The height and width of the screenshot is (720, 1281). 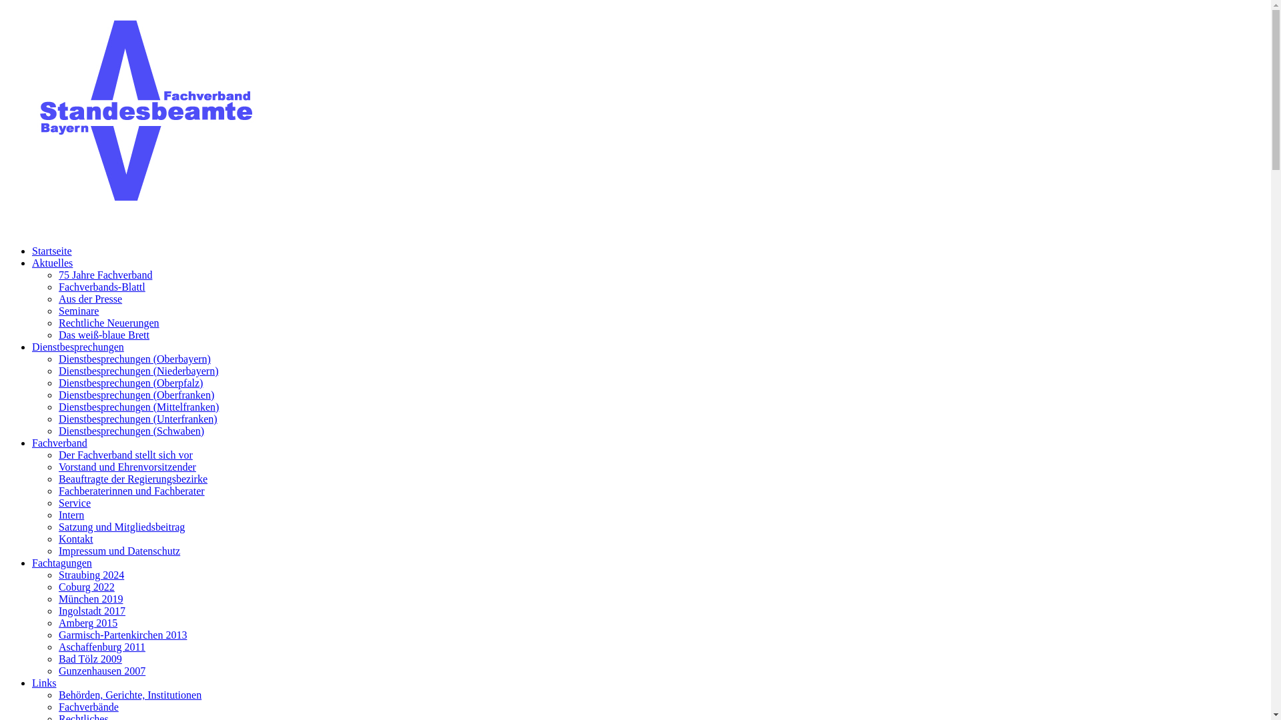 I want to click on 'Satzung und Mitgliedsbeitrag', so click(x=121, y=526).